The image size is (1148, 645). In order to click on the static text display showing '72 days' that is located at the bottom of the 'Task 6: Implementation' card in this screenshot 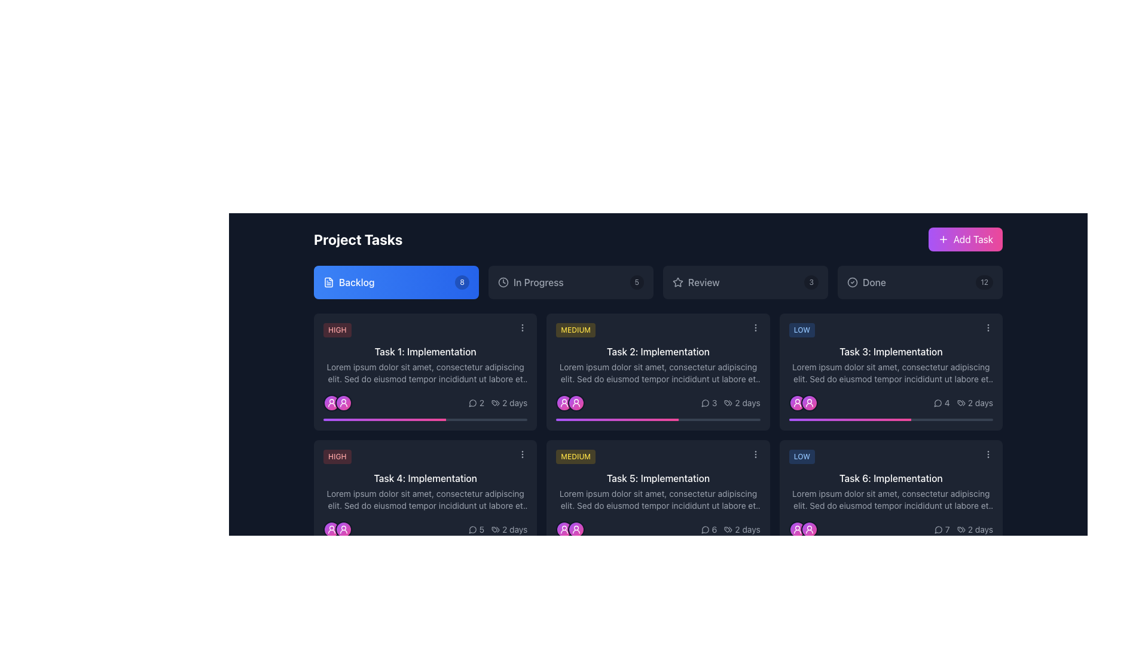, I will do `click(891, 529)`.